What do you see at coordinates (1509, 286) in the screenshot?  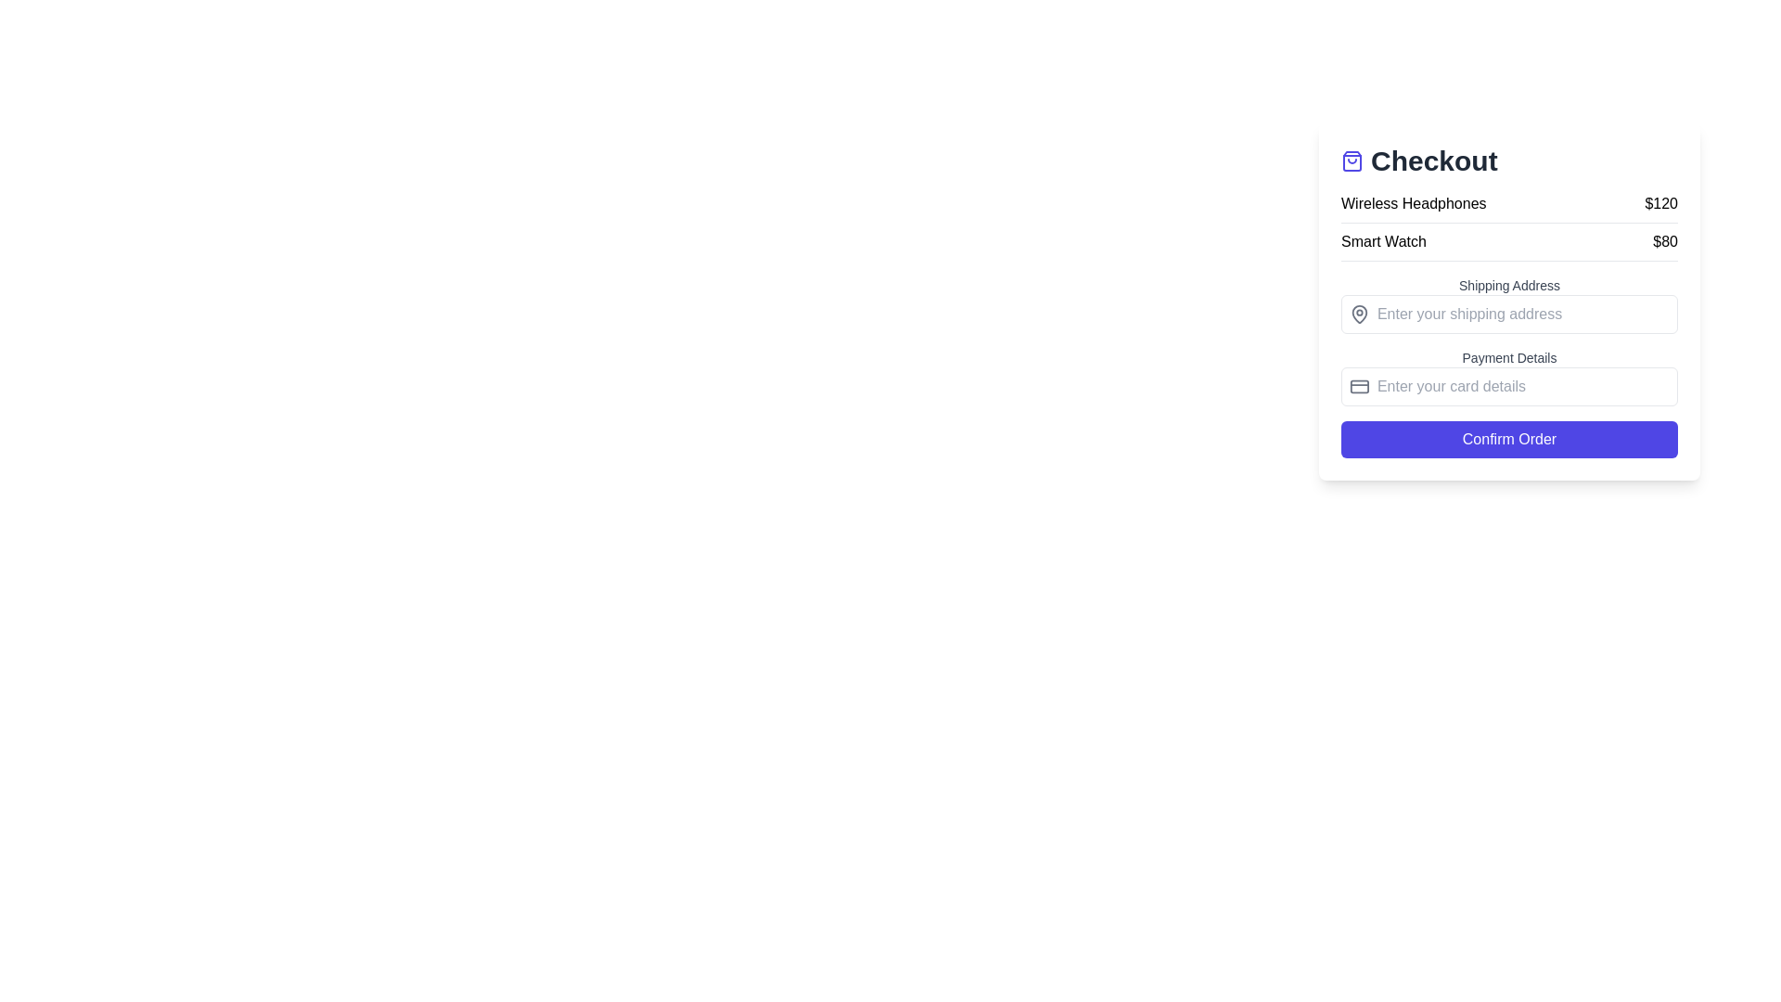 I see `the text label that provides context for the shipping address input field, located above the input field in the 'Checkout' card UI` at bounding box center [1509, 286].